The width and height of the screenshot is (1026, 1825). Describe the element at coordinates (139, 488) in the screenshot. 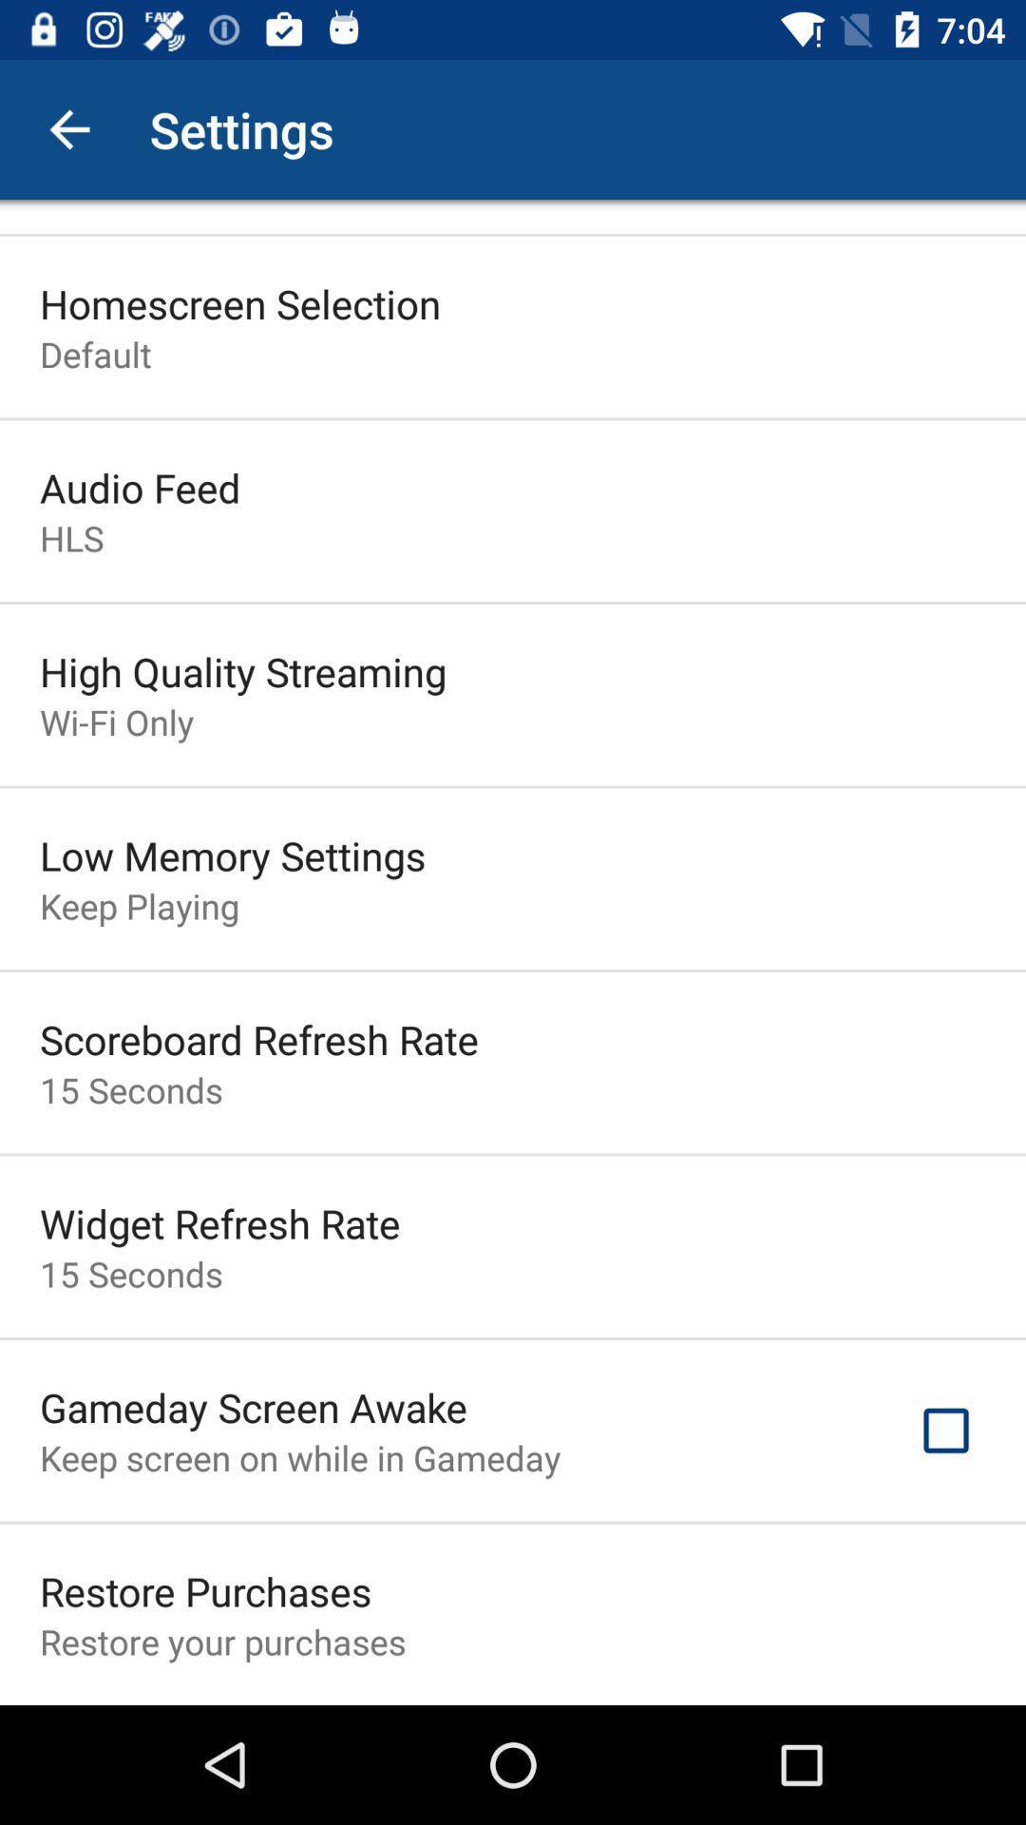

I see `the icon below default` at that location.